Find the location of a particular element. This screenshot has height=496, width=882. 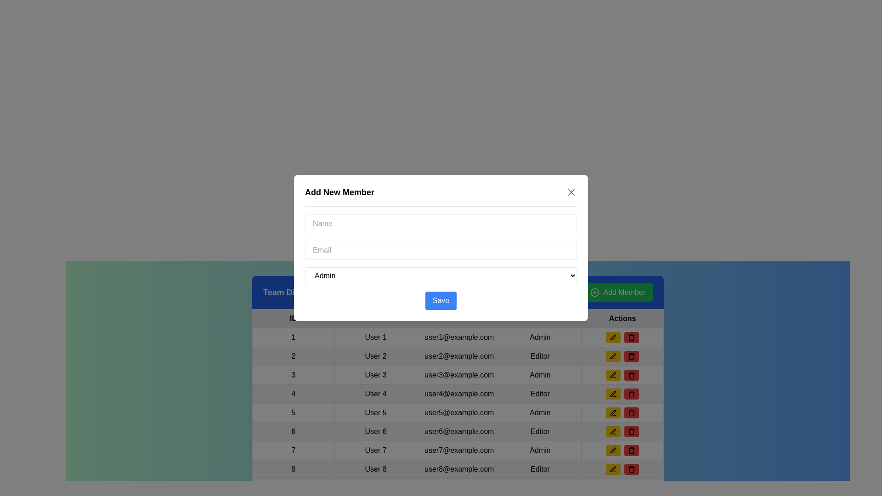

the yellow edit button located in the 'Actions' column of the fifth row in the table to initiate editing is located at coordinates (622, 412).